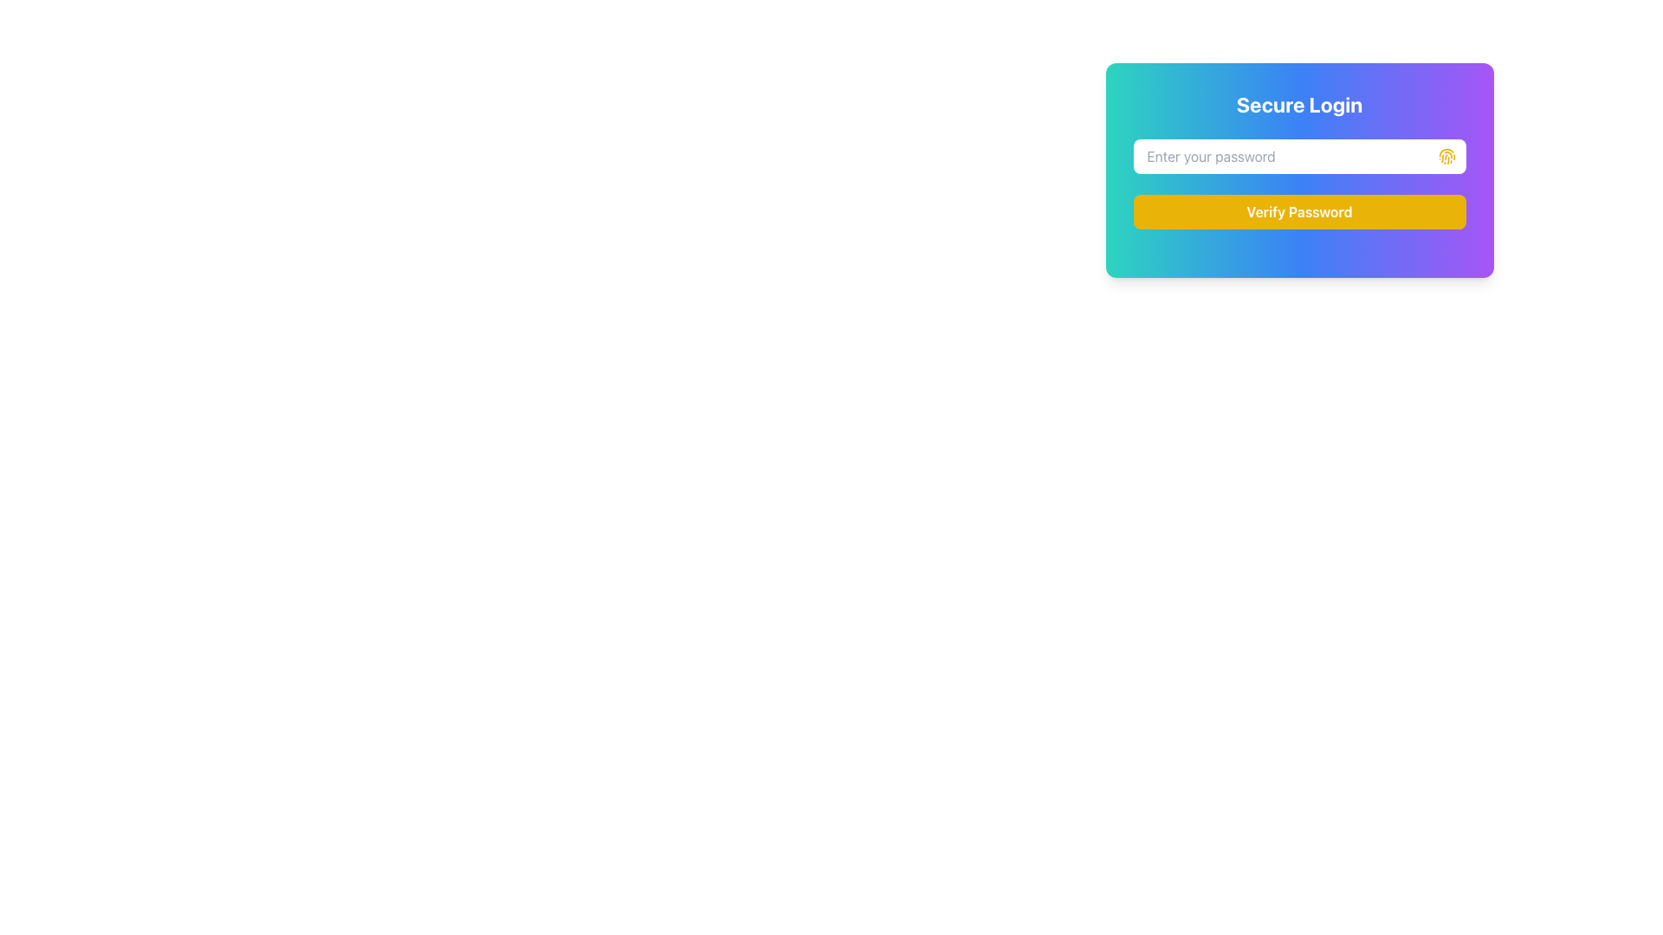 The image size is (1663, 935). Describe the element at coordinates (1446, 157) in the screenshot. I see `the bright yellow fingerprint icon located at the right edge of the password input field, aligned with its center` at that location.